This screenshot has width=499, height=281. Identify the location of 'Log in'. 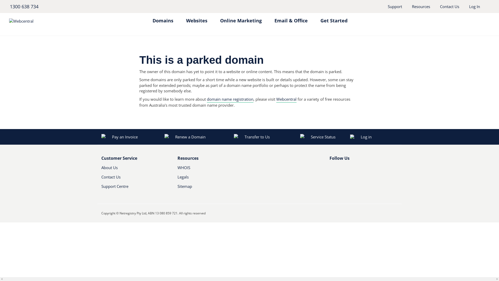
(381, 136).